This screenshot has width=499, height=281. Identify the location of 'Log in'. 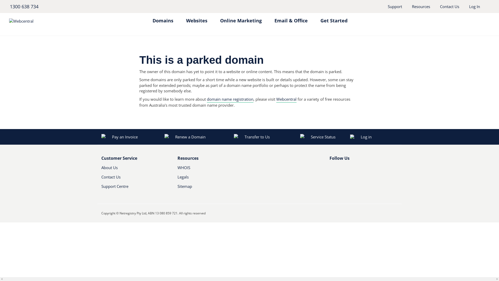
(381, 136).